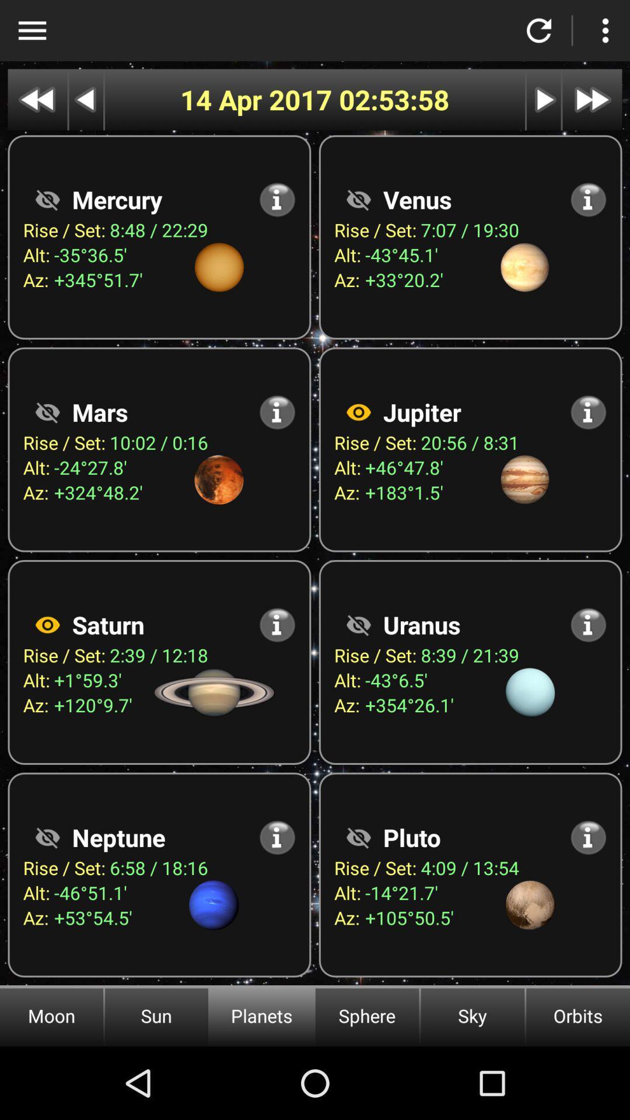 Image resolution: width=630 pixels, height=1120 pixels. Describe the element at coordinates (588, 624) in the screenshot. I see `see more information` at that location.